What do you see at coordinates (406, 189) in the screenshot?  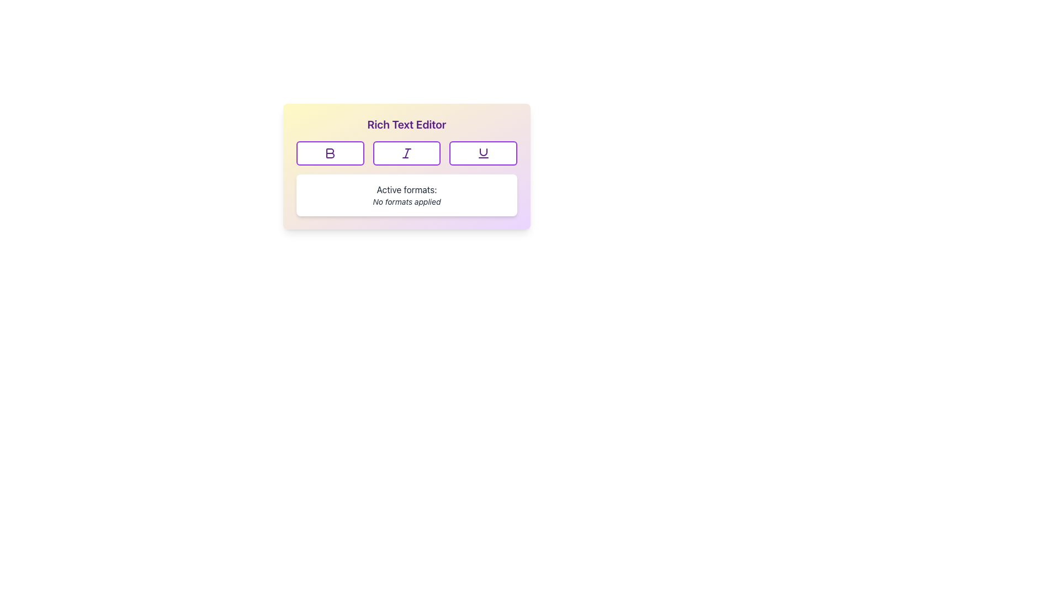 I see `the static text label located above the 'No formats applied' text, which provides a description for the formats listed below it` at bounding box center [406, 189].